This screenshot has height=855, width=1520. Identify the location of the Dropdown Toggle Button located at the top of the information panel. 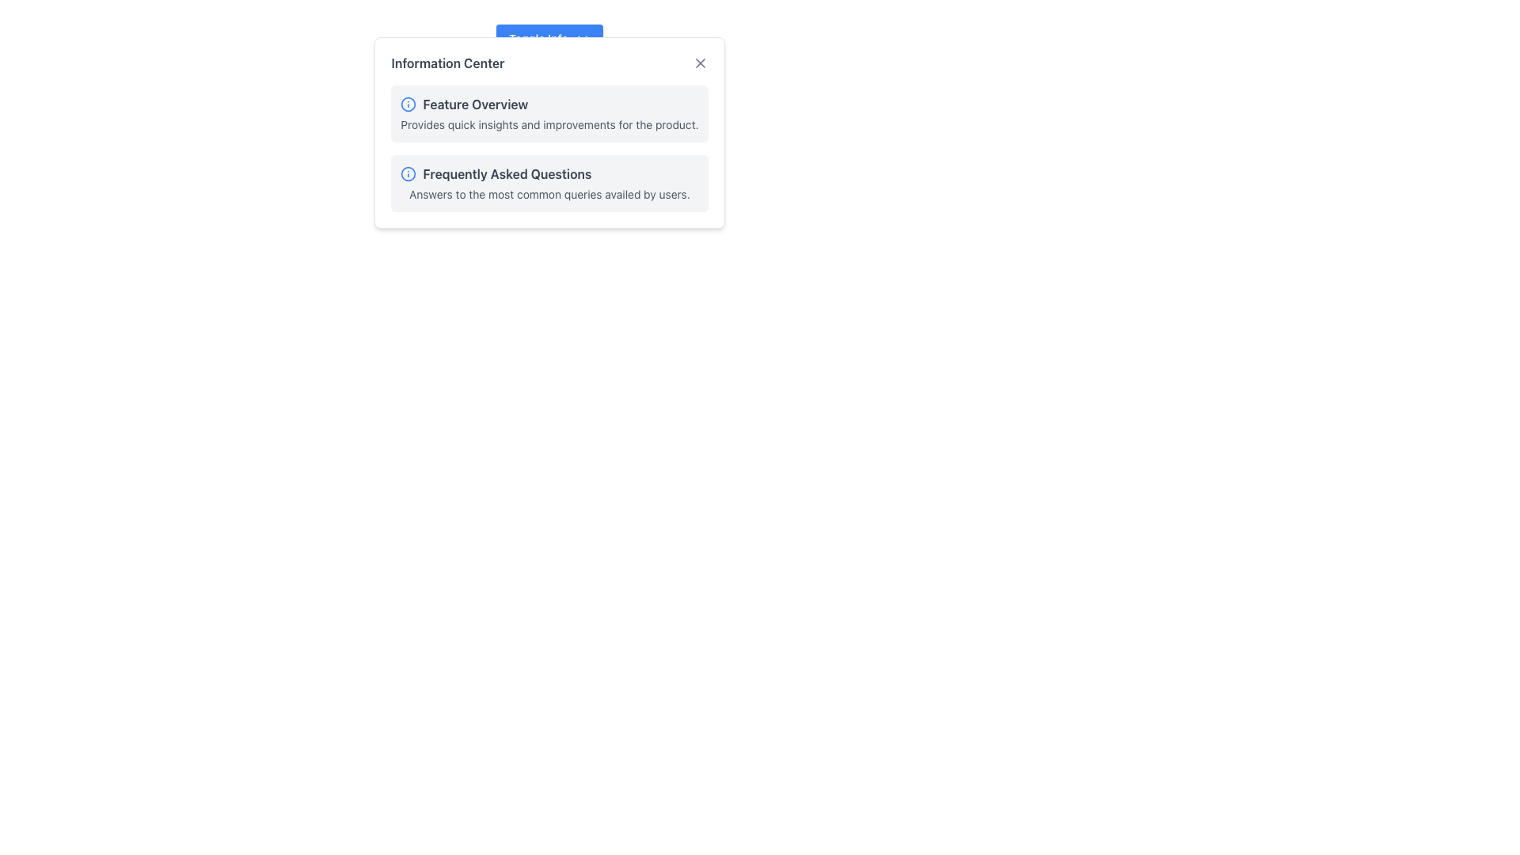
(549, 38).